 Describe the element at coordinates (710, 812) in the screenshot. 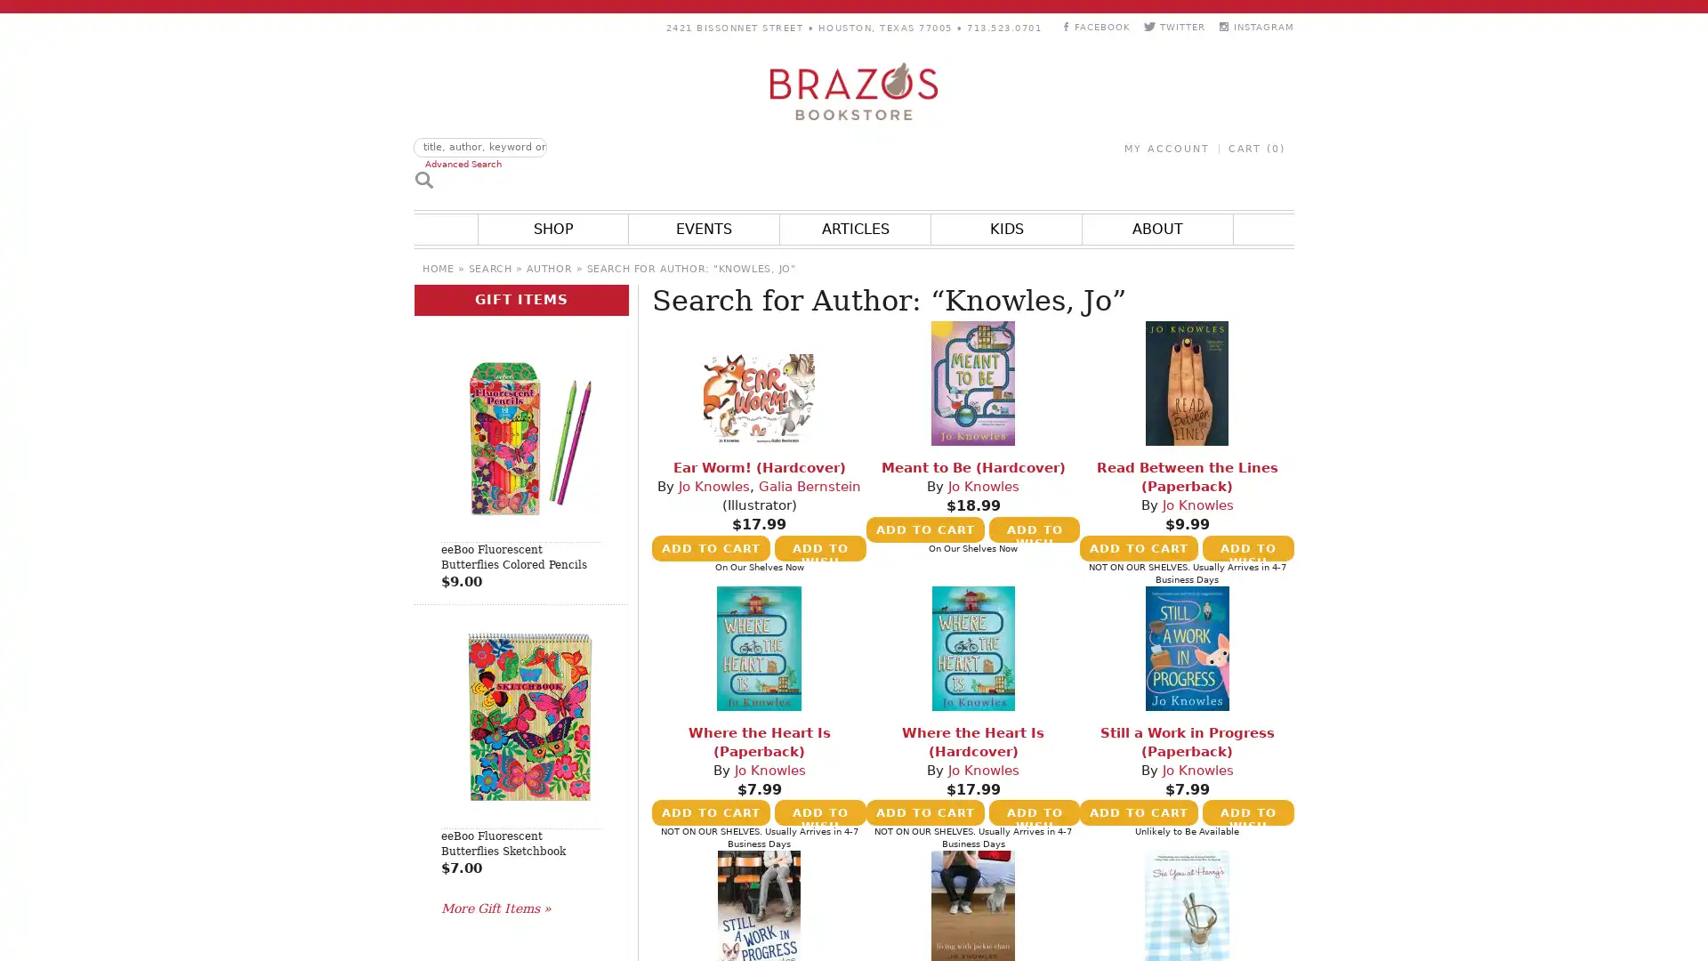

I see `Add to Cart` at that location.